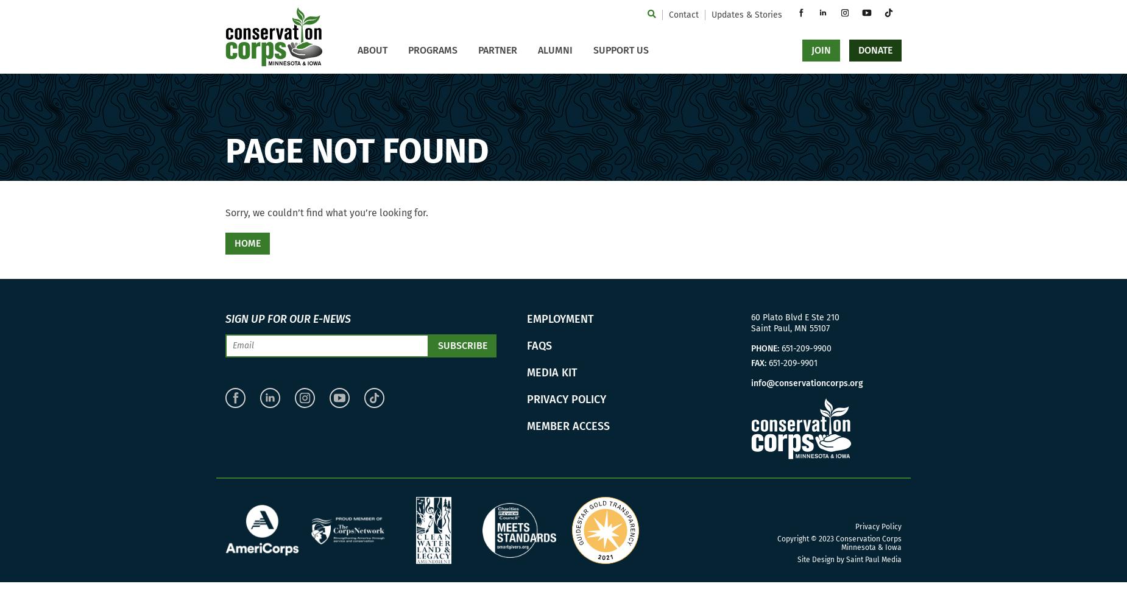 Image resolution: width=1127 pixels, height=609 pixels. What do you see at coordinates (538, 49) in the screenshot?
I see `'Alumni'` at bounding box center [538, 49].